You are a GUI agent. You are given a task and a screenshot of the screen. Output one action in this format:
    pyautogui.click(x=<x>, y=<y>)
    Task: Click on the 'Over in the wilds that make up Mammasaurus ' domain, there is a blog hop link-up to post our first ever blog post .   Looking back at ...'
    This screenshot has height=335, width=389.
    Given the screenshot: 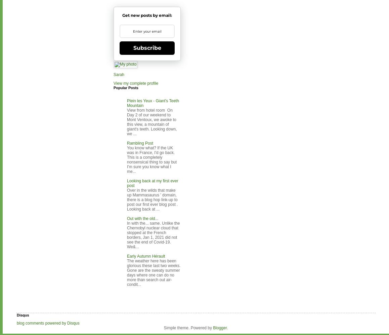 What is the action you would take?
    pyautogui.click(x=152, y=200)
    